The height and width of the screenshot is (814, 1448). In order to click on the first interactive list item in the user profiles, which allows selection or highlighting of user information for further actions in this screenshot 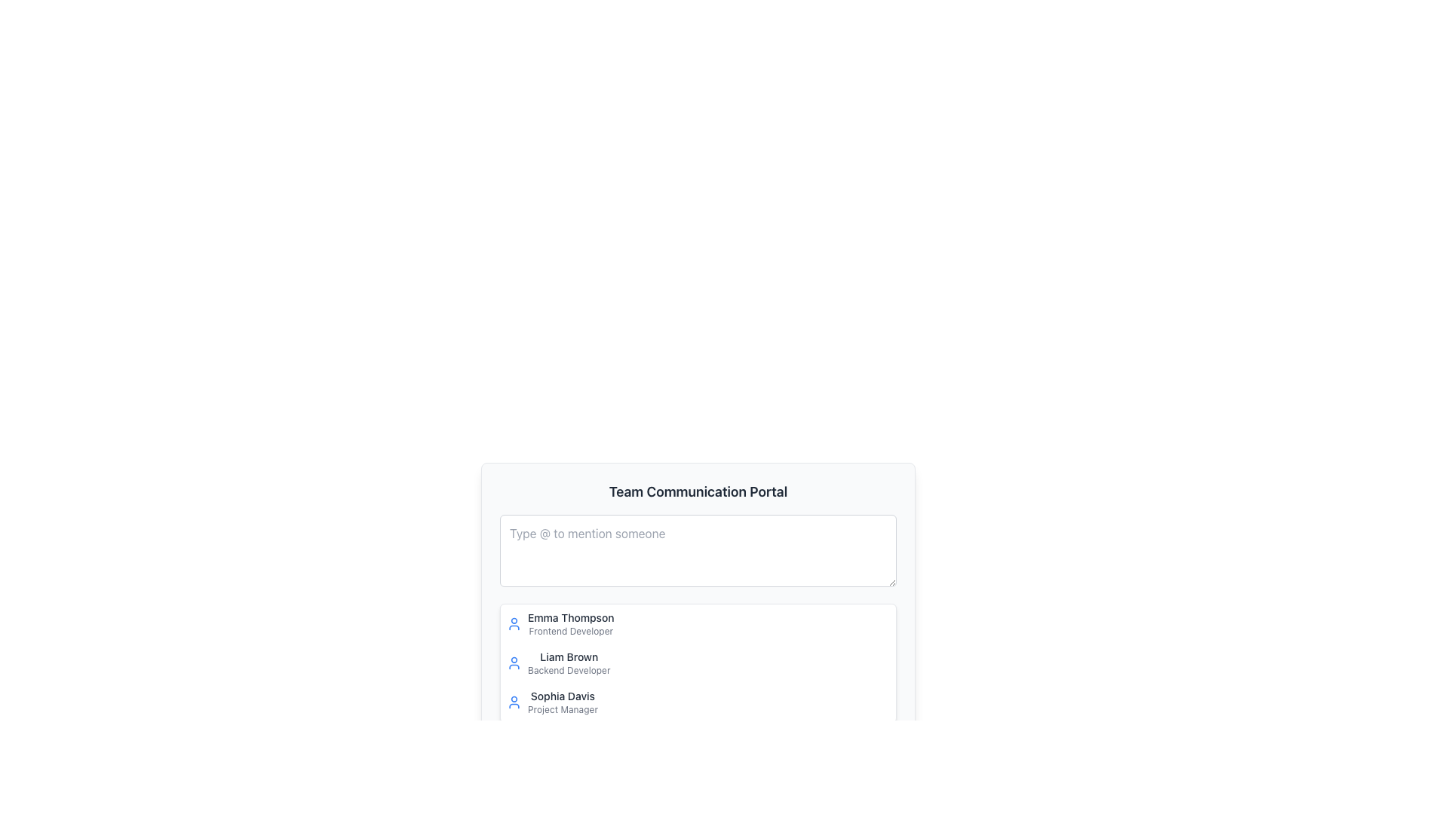, I will do `click(698, 624)`.